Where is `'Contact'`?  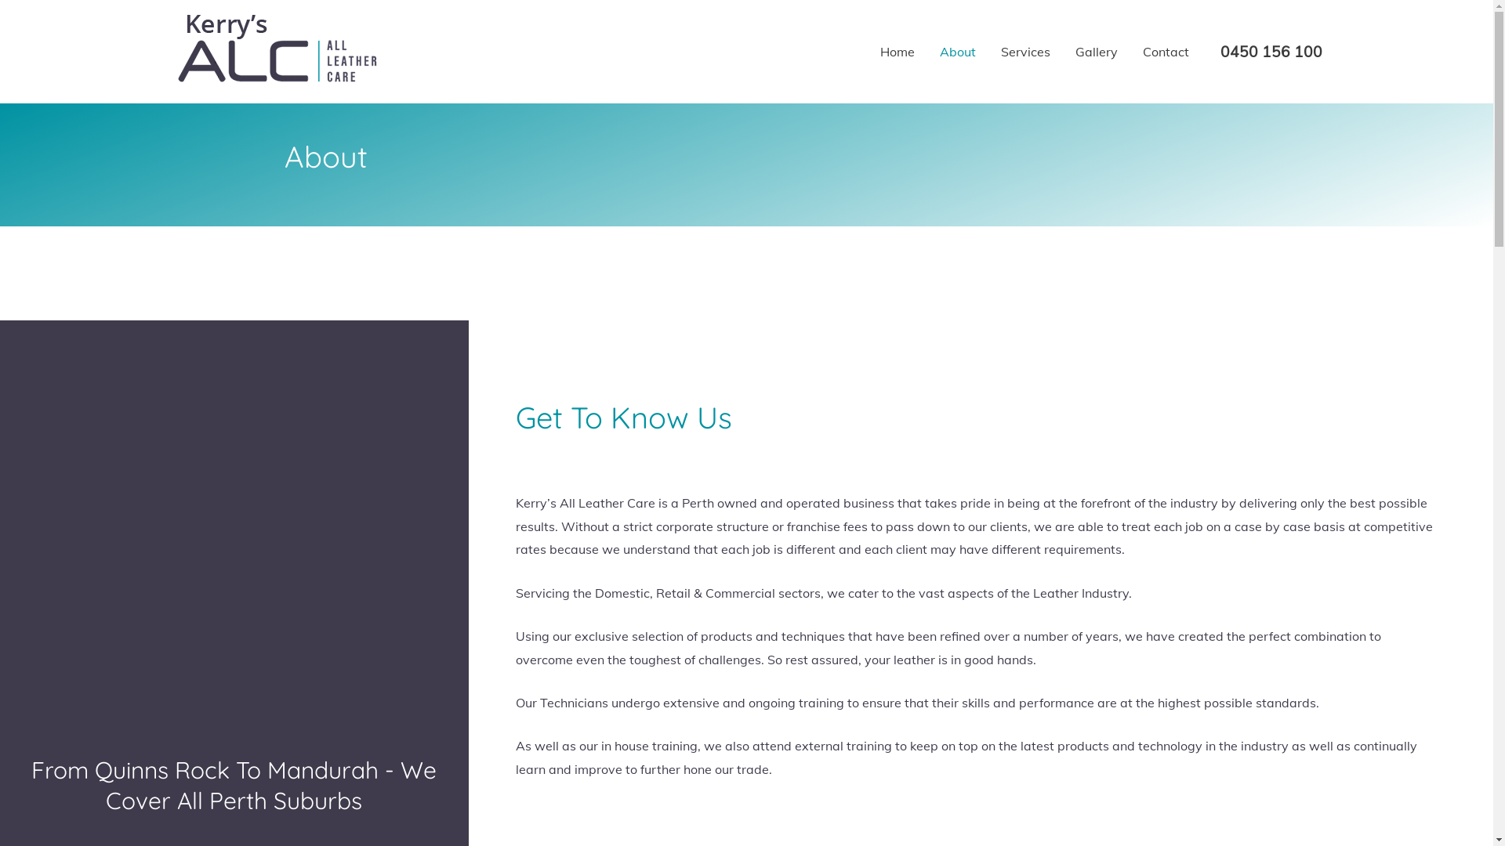
'Contact' is located at coordinates (1166, 50).